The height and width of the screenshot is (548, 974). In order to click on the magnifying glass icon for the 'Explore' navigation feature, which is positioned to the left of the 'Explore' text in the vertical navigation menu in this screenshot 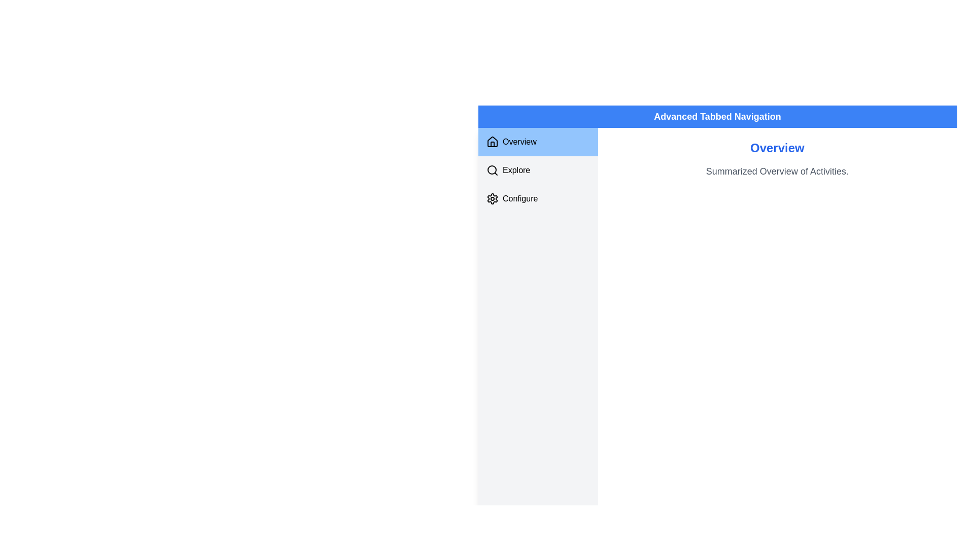, I will do `click(492, 169)`.